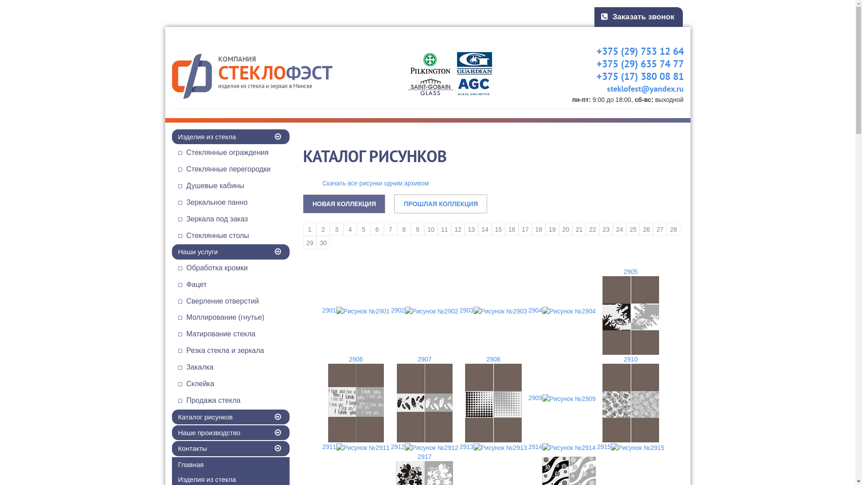  I want to click on '2905', so click(630, 310).